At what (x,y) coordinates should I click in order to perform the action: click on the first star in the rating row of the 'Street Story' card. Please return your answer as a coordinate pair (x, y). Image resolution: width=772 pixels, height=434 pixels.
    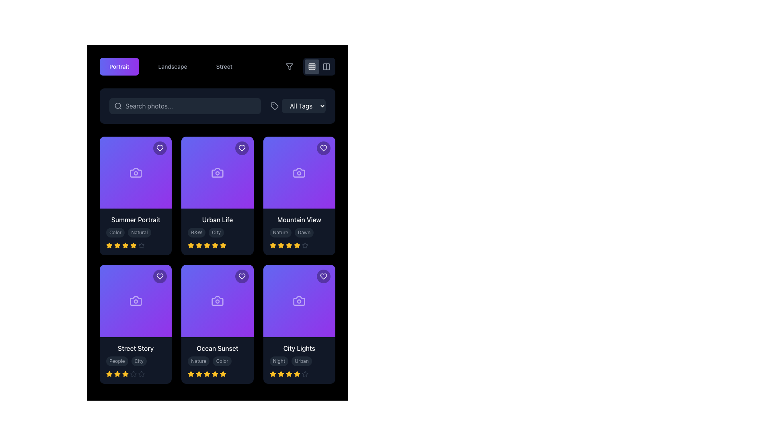
    Looking at the image, I should click on (109, 374).